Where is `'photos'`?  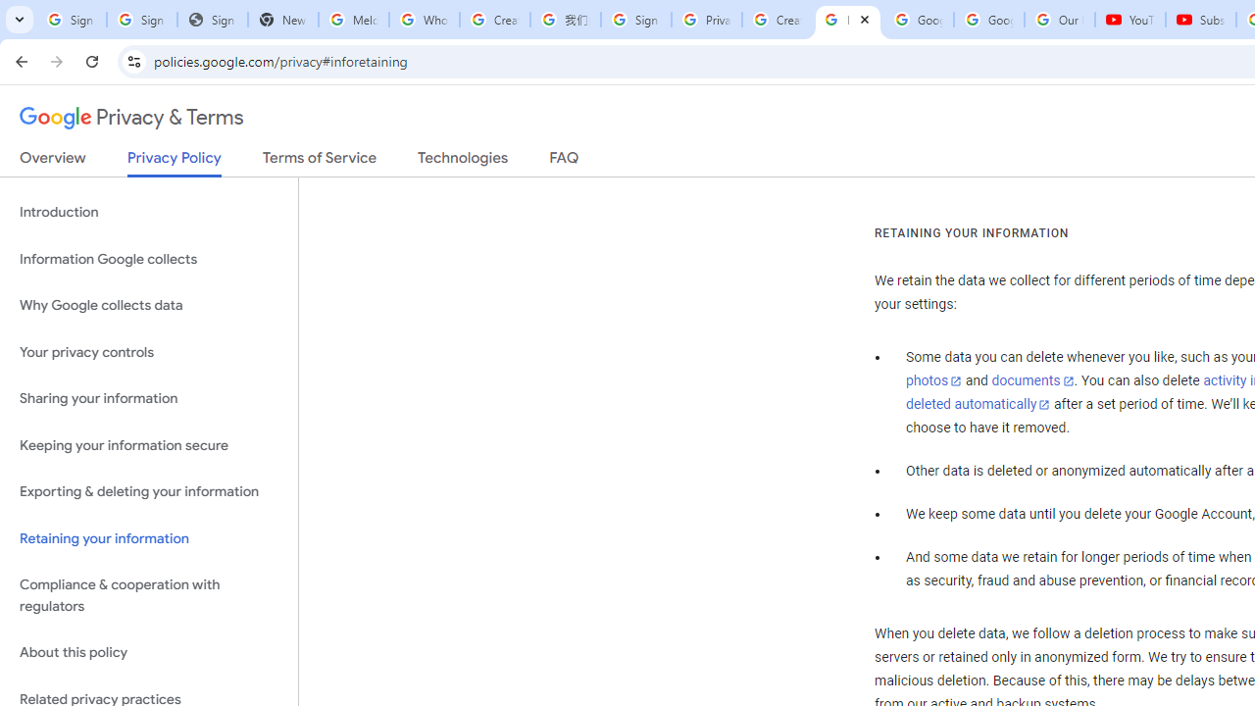
'photos' is located at coordinates (932, 381).